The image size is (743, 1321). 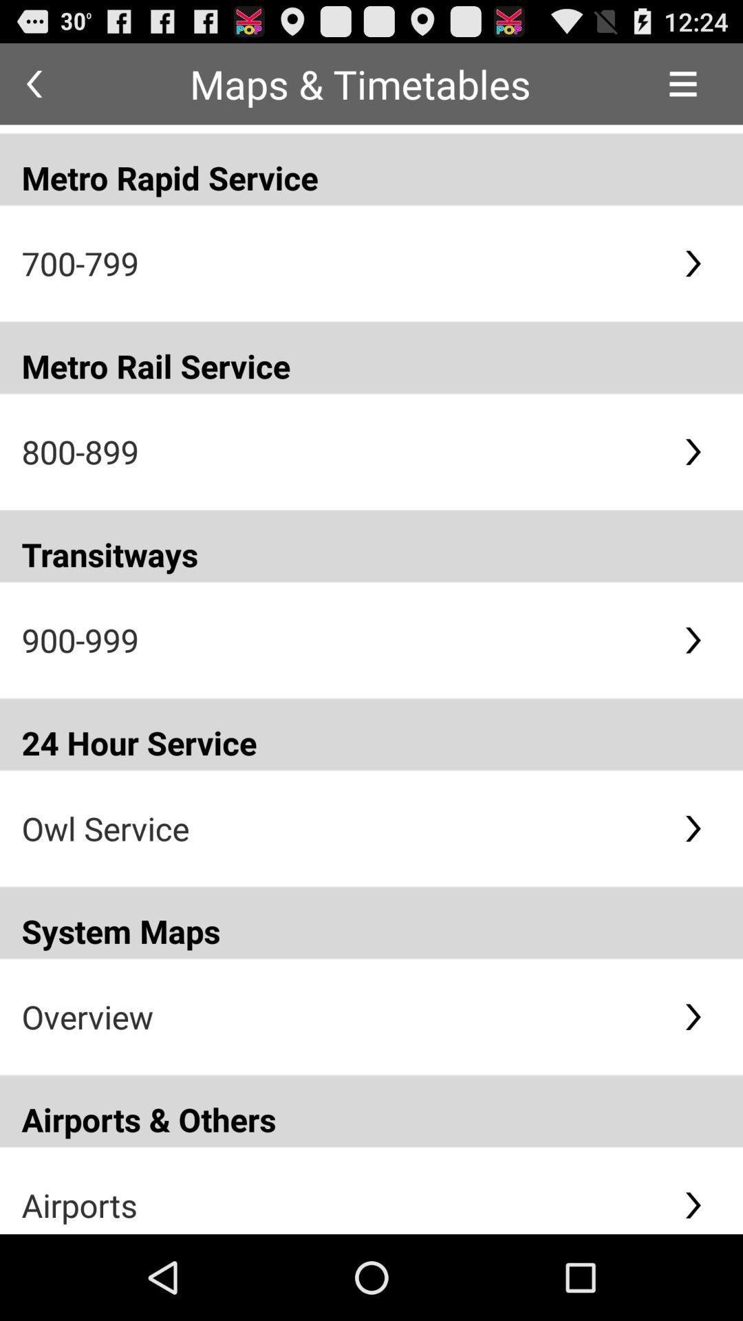 I want to click on the transitways item, so click(x=371, y=545).